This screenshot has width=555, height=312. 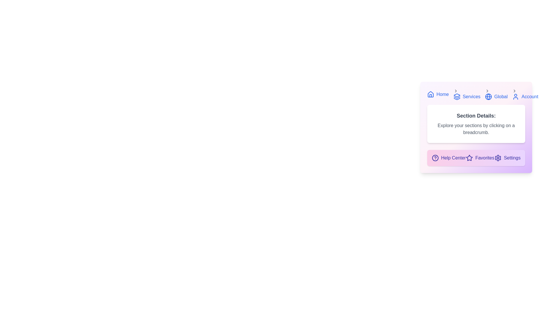 I want to click on the 'Global' breadcrumb navigation label, so click(x=501, y=96).